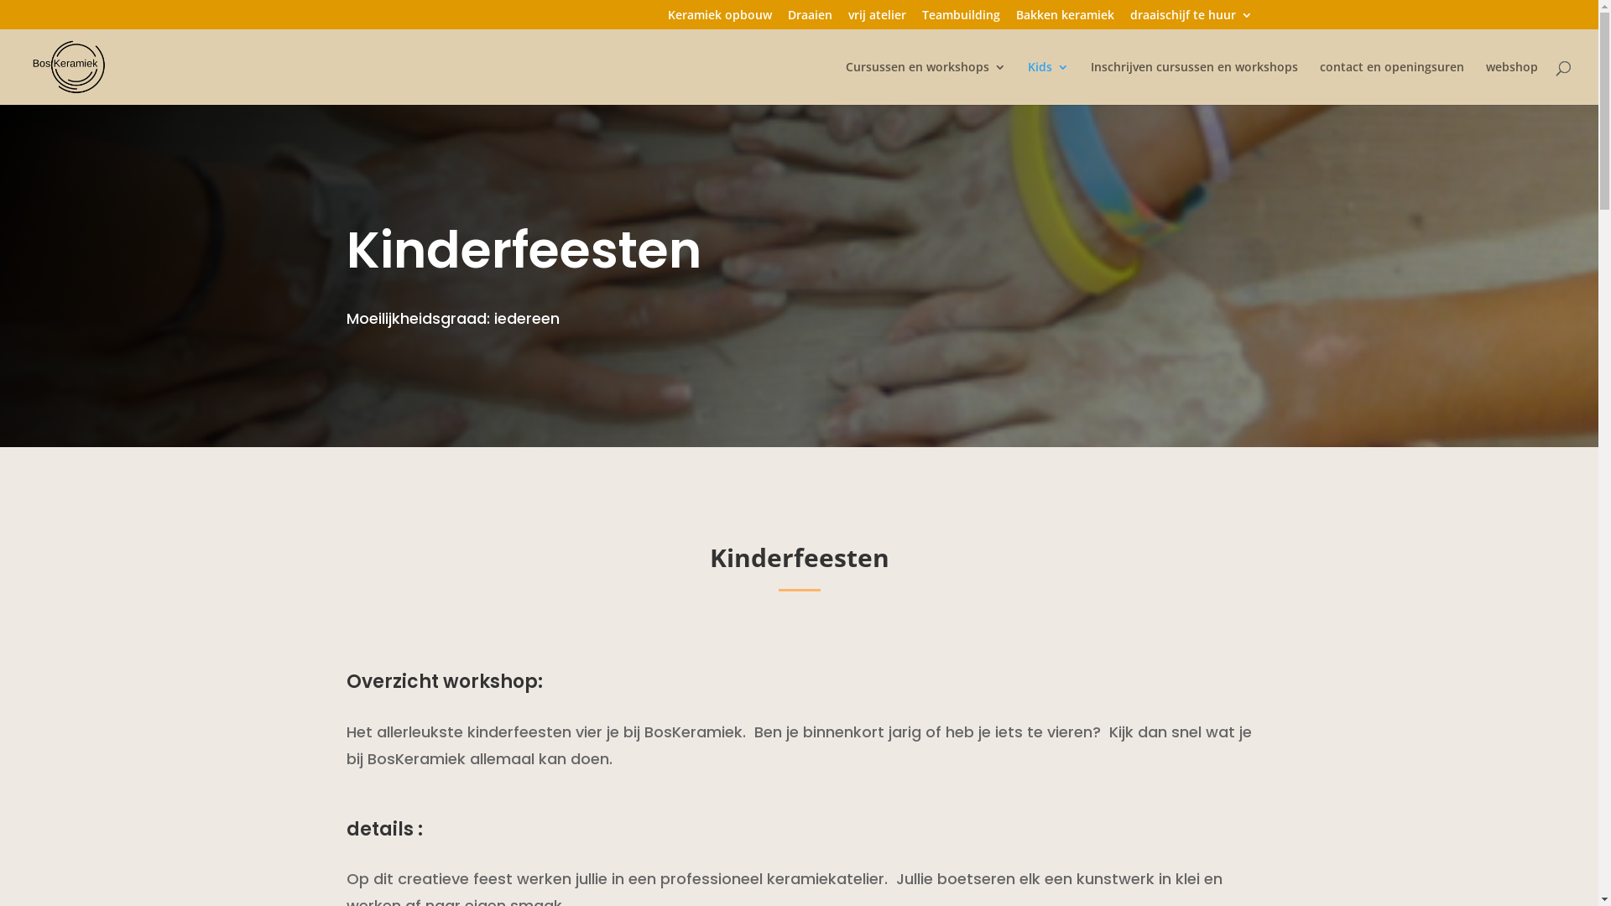  I want to click on 'Keramiek opbouw', so click(720, 18).